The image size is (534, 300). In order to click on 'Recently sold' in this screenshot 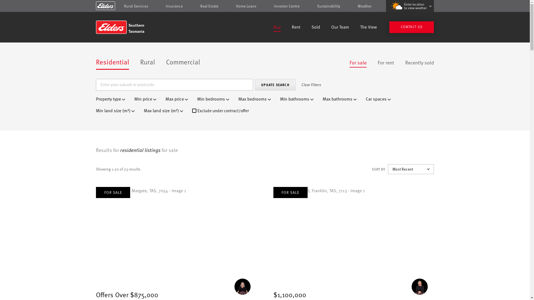, I will do `click(419, 62)`.